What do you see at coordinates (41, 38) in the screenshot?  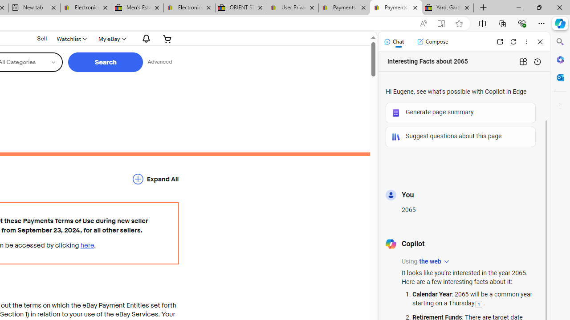 I see `'Sell'` at bounding box center [41, 38].